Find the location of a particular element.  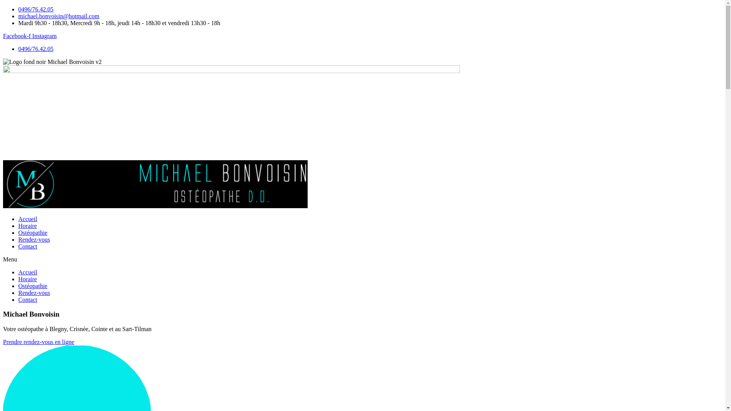

'Horaire' is located at coordinates (27, 225).